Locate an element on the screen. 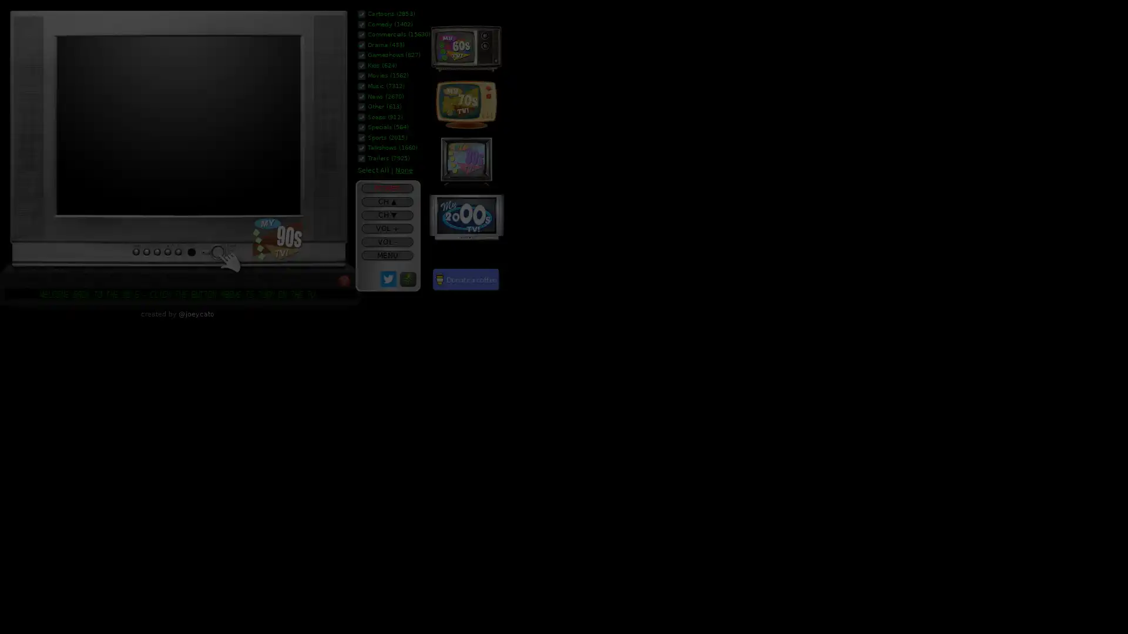 This screenshot has width=1128, height=634. CH is located at coordinates (387, 201).